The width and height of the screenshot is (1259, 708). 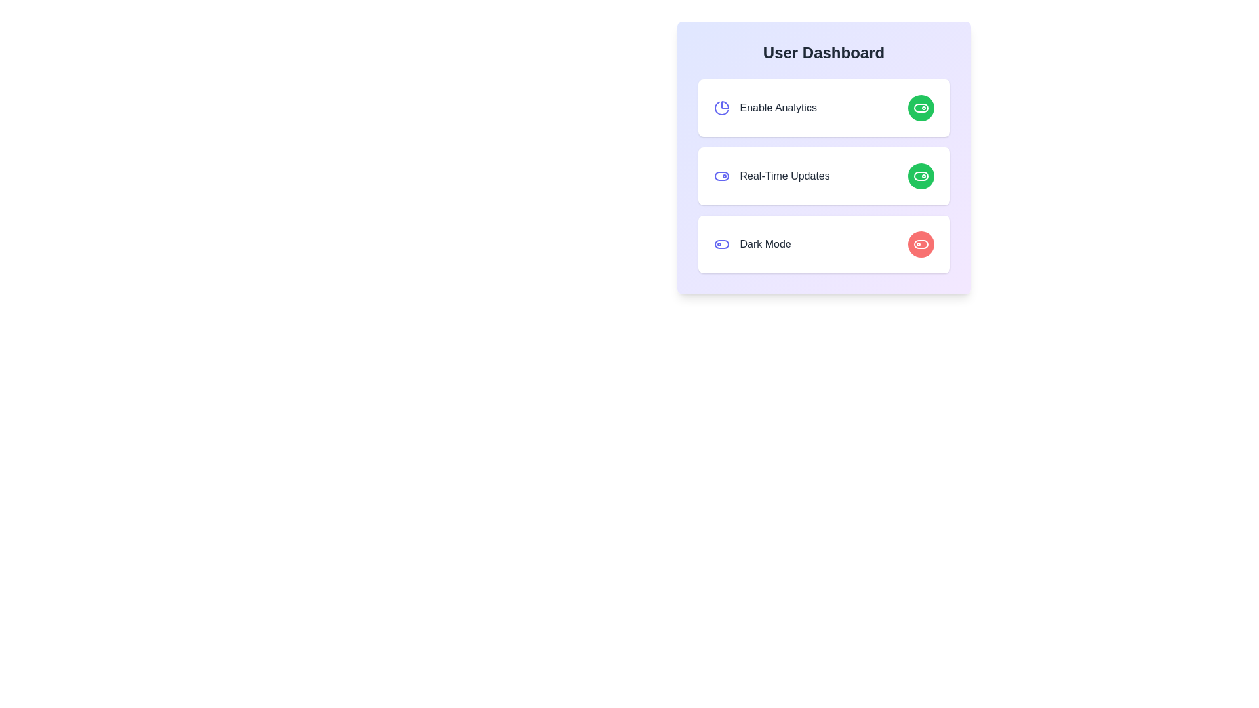 What do you see at coordinates (920, 176) in the screenshot?
I see `the circular green toggle button with a toggle-switch icon located at the right side of the 'Real-Time Updates' option in the User Dashboard card` at bounding box center [920, 176].